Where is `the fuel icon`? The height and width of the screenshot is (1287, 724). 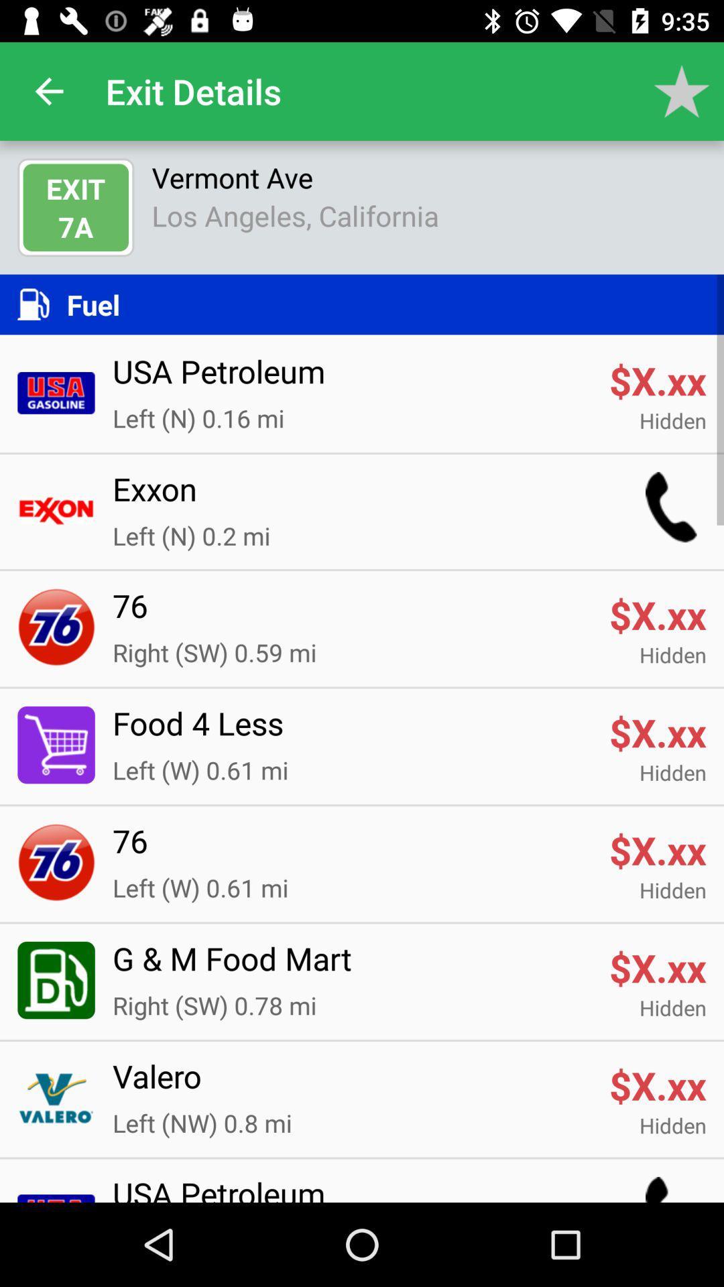
the fuel icon is located at coordinates (386, 304).